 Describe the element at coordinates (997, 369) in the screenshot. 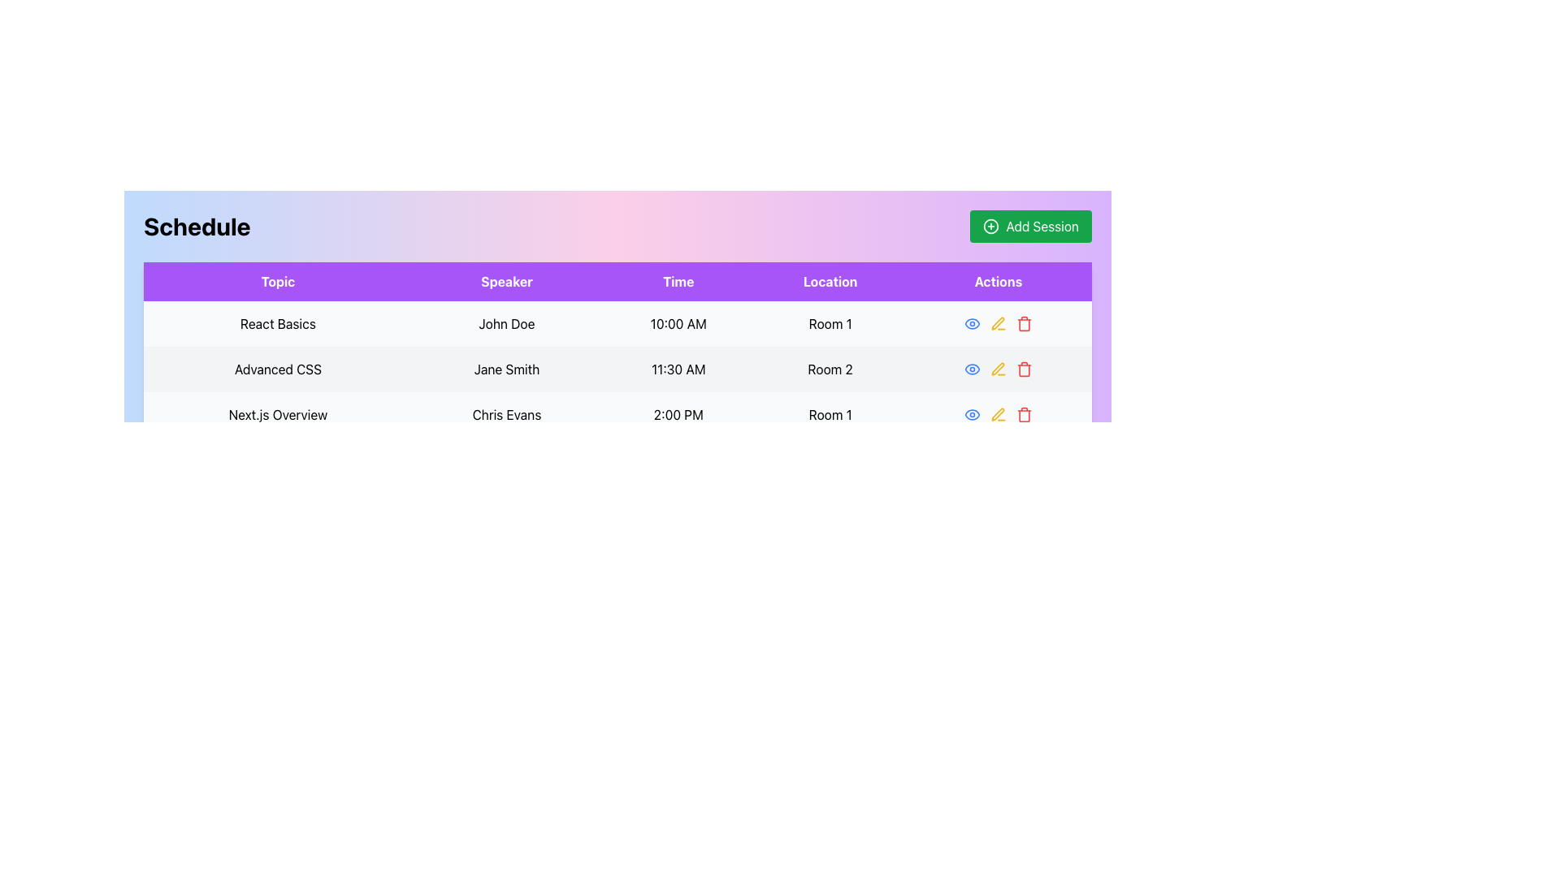

I see `the edit icon button in the Actions column for the session 'Advanced CSS' at 11:30 AM in Room 2` at that location.